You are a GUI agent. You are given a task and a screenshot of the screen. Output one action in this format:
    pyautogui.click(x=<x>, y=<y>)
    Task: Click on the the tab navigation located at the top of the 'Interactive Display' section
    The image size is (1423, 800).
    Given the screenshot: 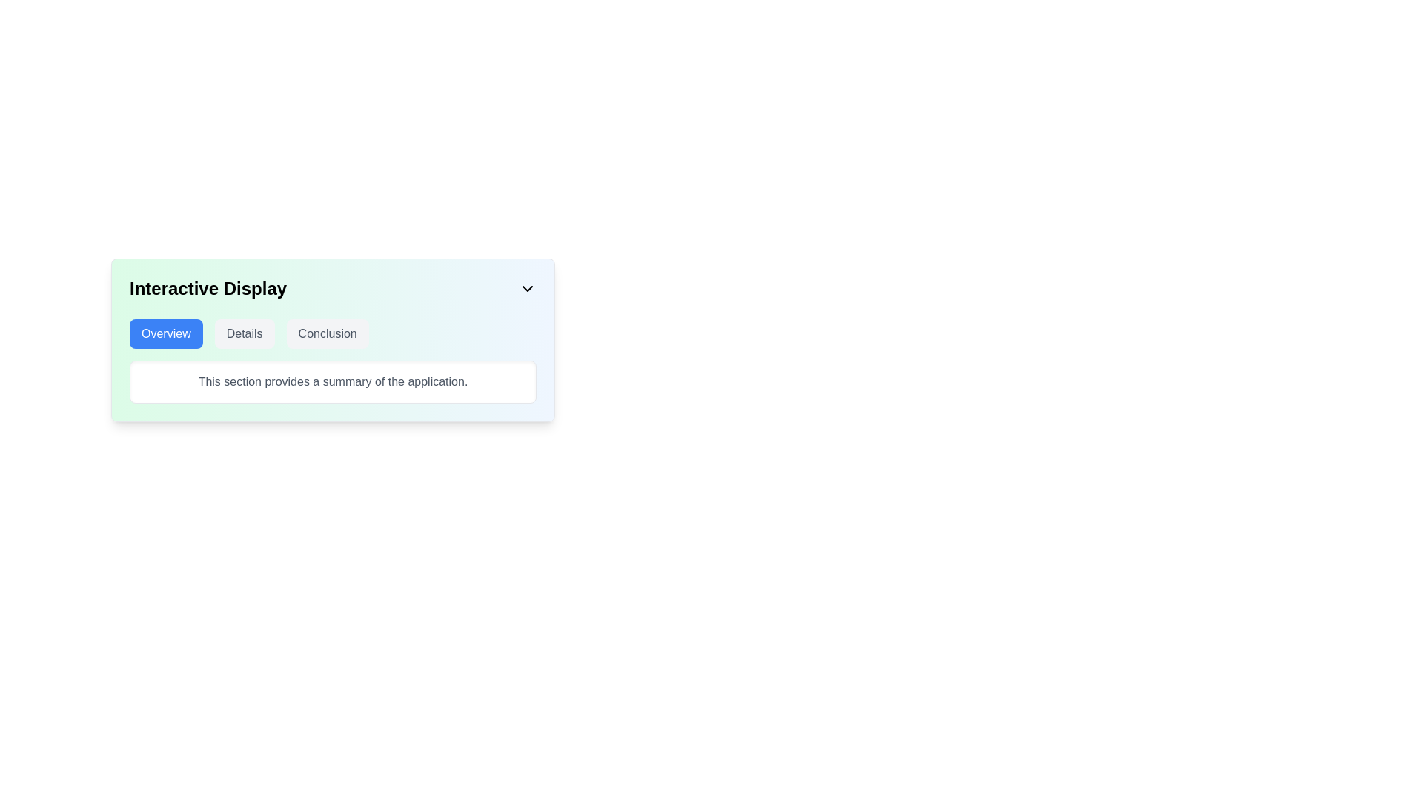 What is the action you would take?
    pyautogui.click(x=332, y=334)
    